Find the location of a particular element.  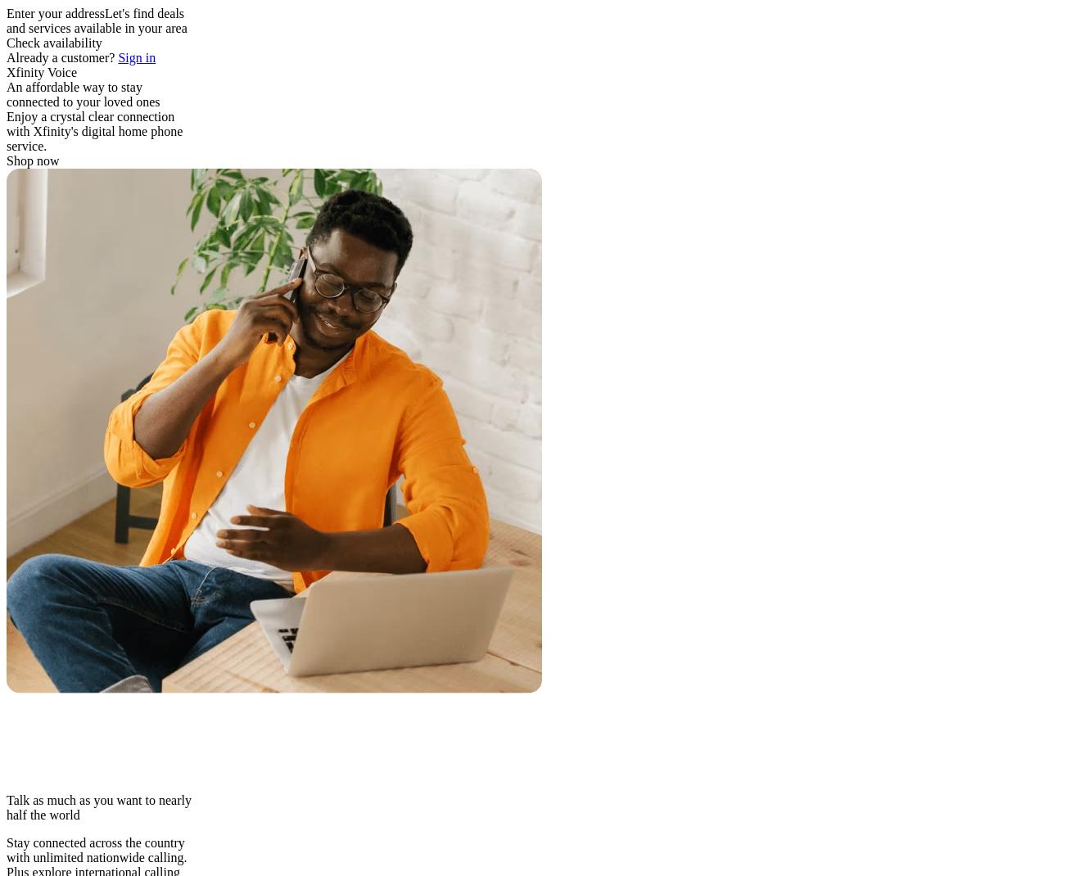

'Enter your address' is located at coordinates (55, 12).